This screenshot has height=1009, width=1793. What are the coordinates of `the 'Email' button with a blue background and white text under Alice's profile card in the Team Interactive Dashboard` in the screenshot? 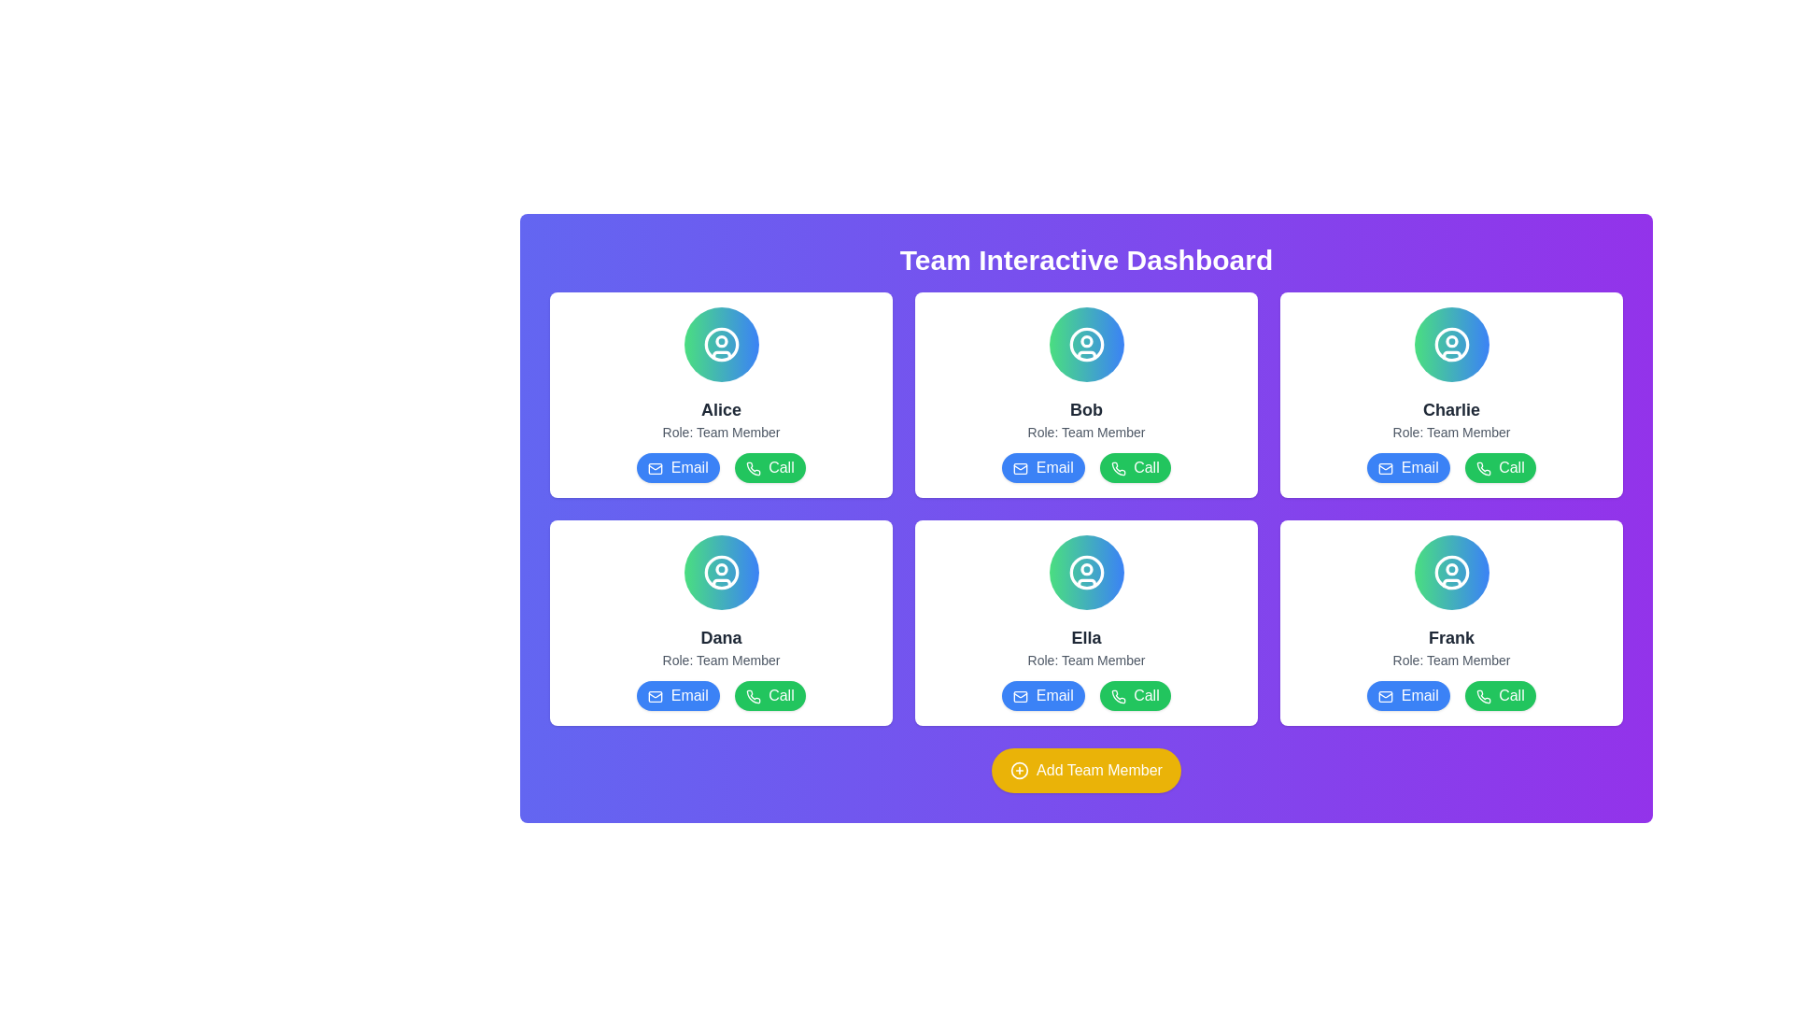 It's located at (677, 467).